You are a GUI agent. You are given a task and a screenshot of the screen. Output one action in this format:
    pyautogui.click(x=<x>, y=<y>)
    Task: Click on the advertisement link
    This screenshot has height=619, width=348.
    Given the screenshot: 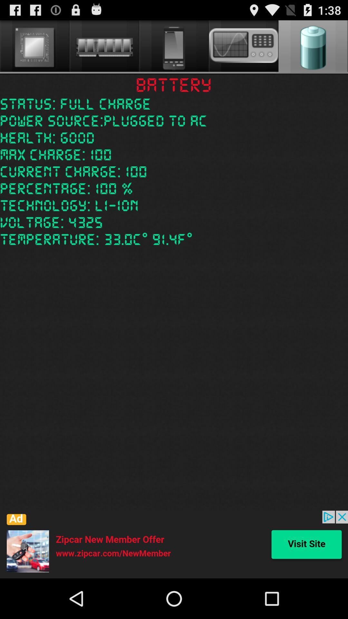 What is the action you would take?
    pyautogui.click(x=174, y=544)
    